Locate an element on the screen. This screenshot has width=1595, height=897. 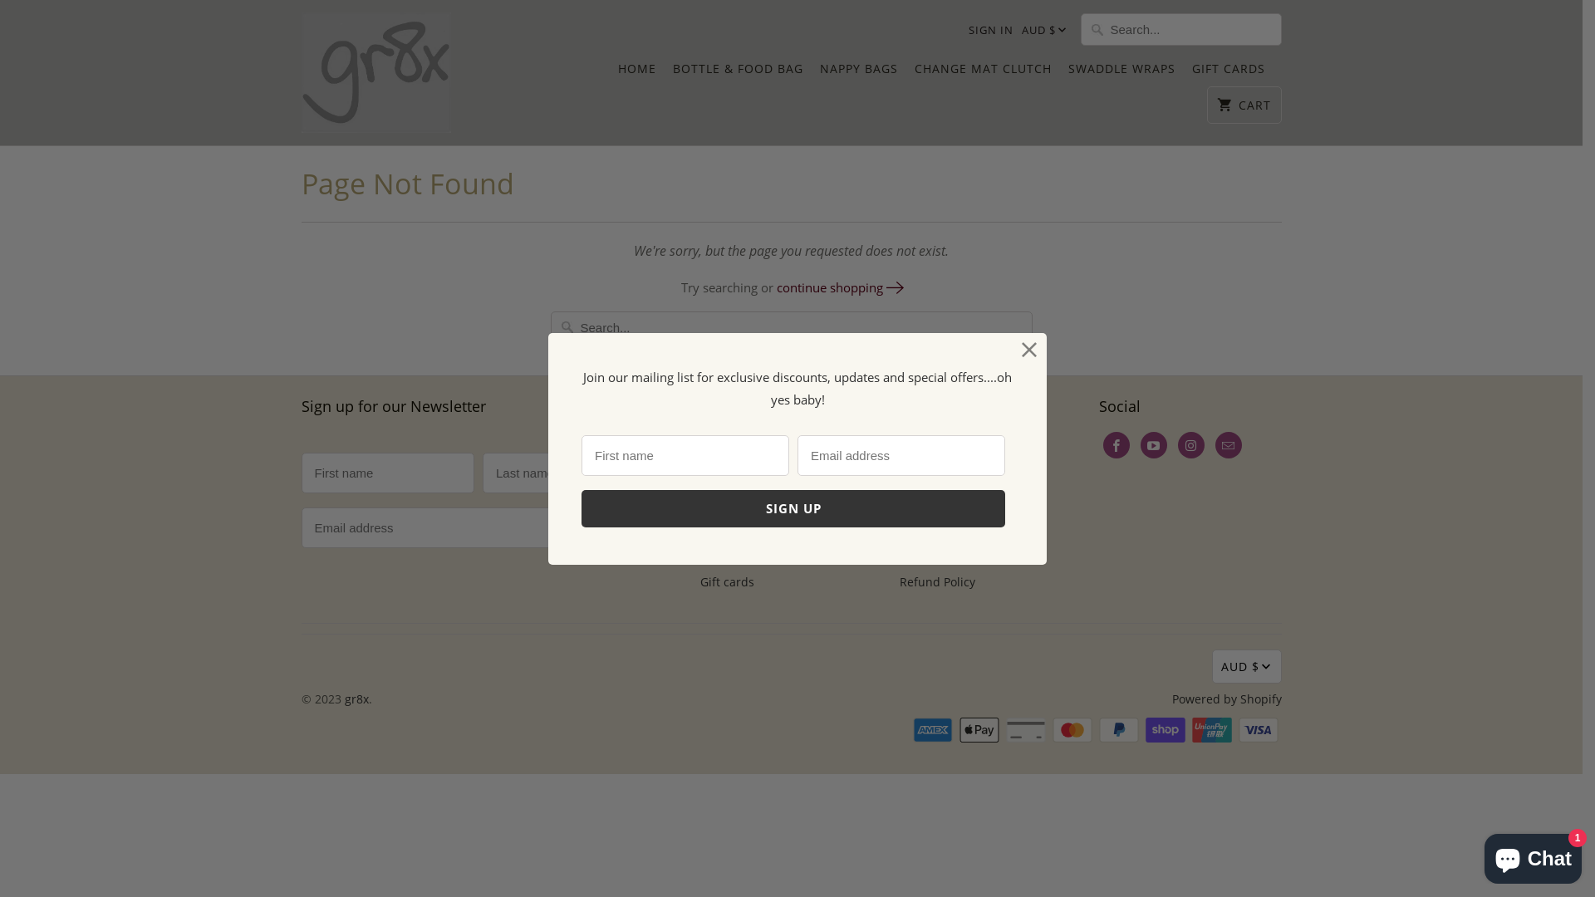
'Gift cards' is located at coordinates (726, 581).